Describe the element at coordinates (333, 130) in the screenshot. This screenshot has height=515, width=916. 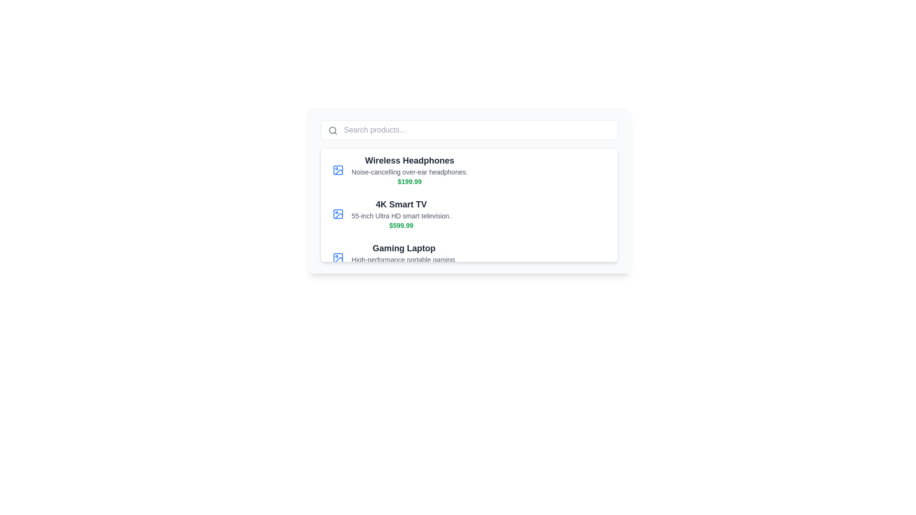
I see `the search icon located at the far left of the search input field` at that location.